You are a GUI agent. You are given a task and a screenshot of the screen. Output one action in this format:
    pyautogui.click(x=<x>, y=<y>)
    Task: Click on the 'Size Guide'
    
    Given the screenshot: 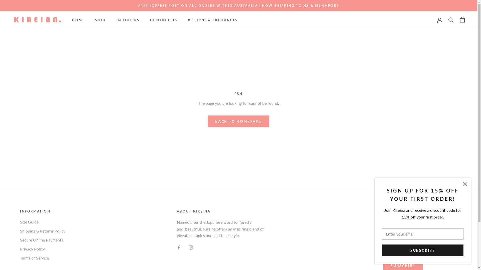 What is the action you would take?
    pyautogui.click(x=43, y=221)
    